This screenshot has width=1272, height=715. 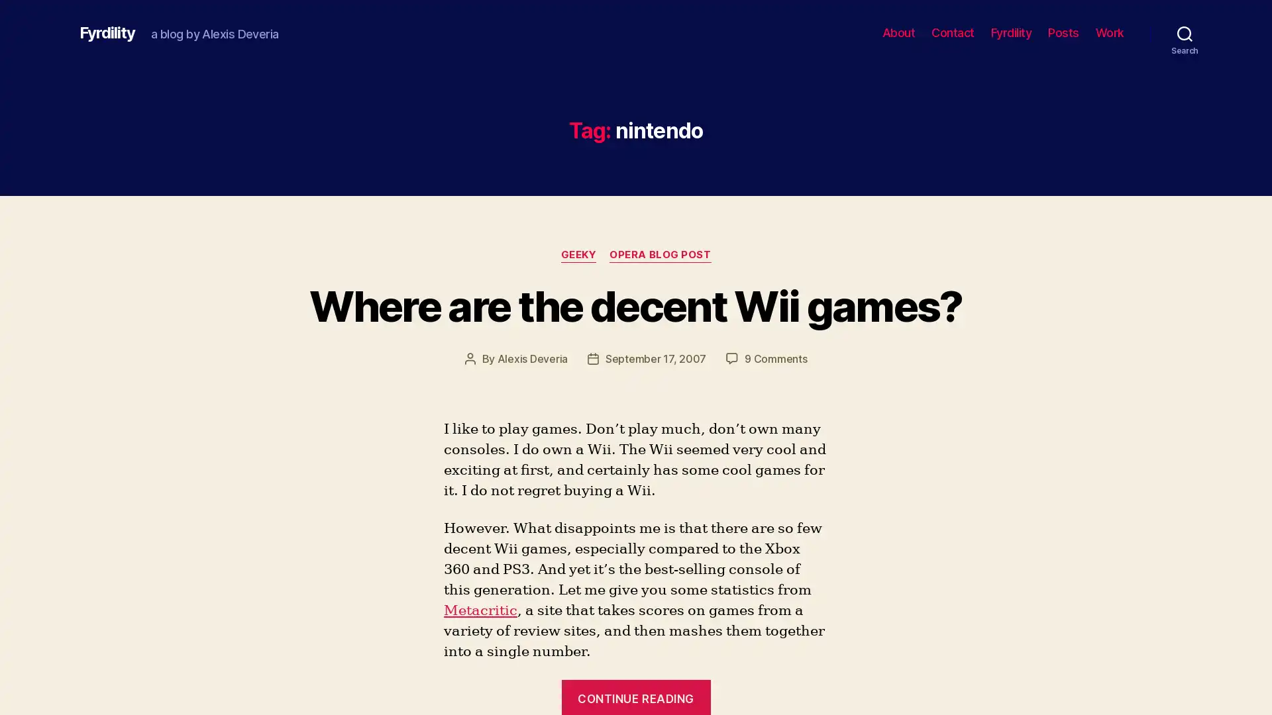 What do you see at coordinates (1185, 32) in the screenshot?
I see `Search` at bounding box center [1185, 32].